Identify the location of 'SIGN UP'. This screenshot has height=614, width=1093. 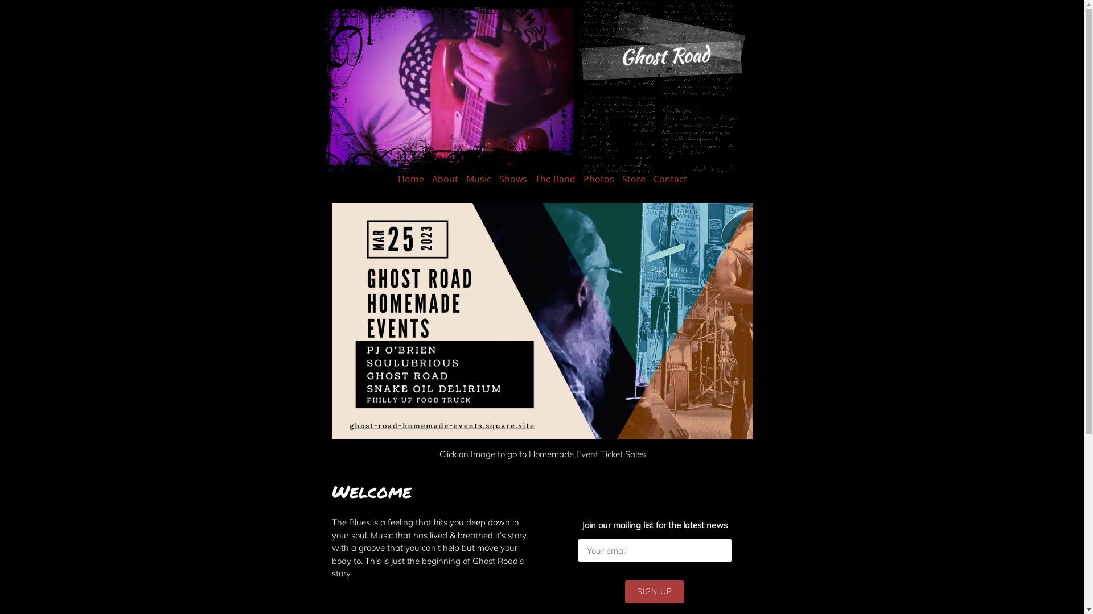
(655, 591).